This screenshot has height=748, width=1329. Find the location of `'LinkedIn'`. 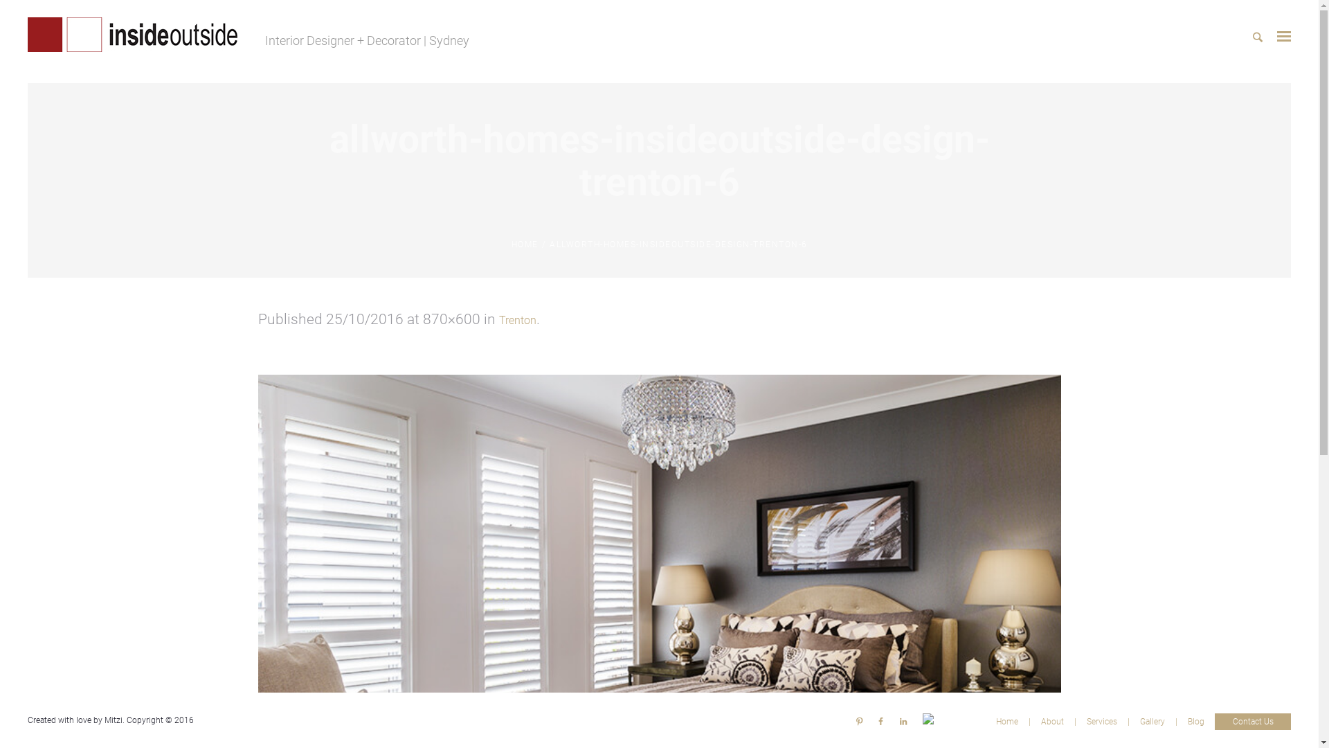

'LinkedIn' is located at coordinates (903, 720).